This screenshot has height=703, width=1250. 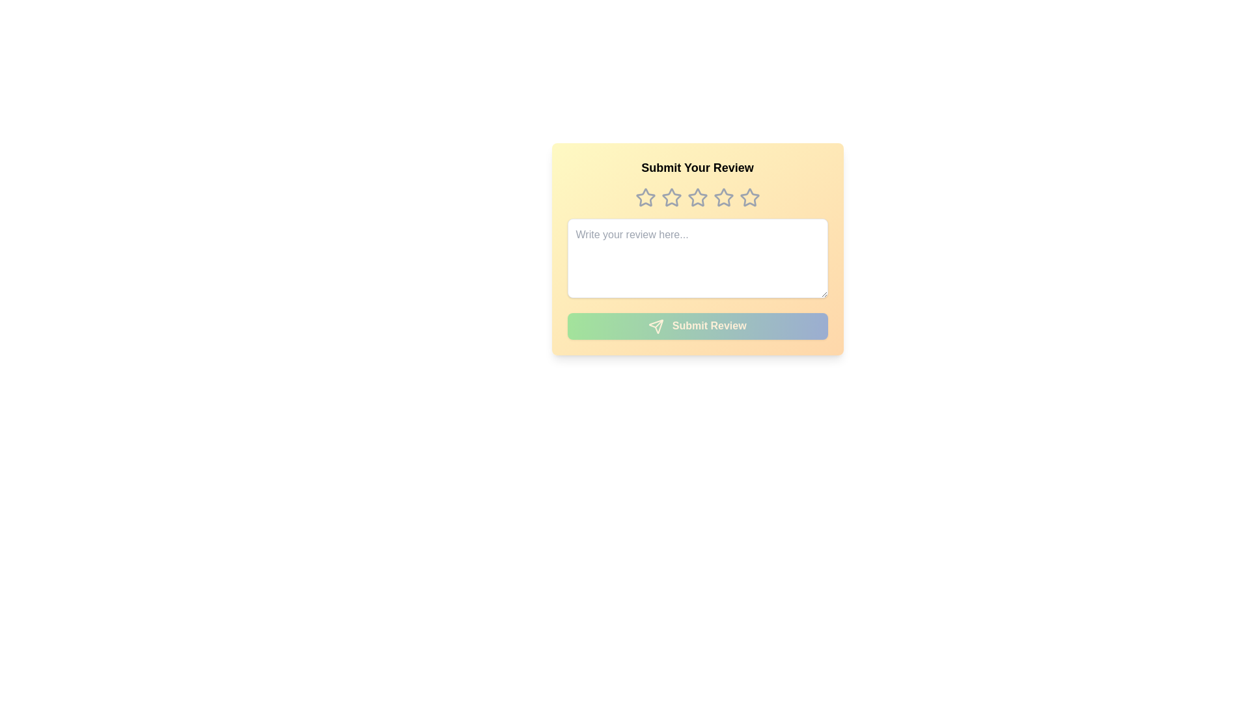 What do you see at coordinates (645, 197) in the screenshot?
I see `the first star icon in the rating area above the review text box` at bounding box center [645, 197].